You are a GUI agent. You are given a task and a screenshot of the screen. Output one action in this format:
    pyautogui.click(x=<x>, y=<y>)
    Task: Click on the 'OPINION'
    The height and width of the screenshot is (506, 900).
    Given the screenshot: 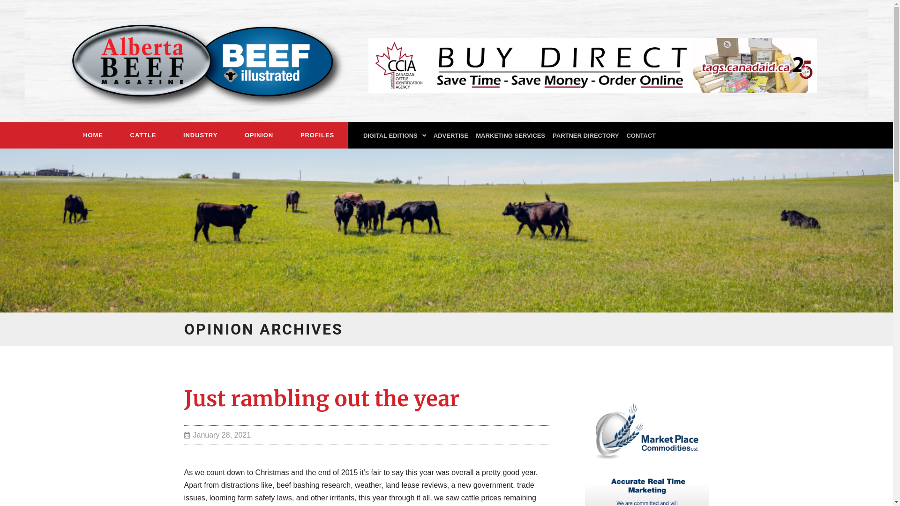 What is the action you would take?
    pyautogui.click(x=259, y=135)
    